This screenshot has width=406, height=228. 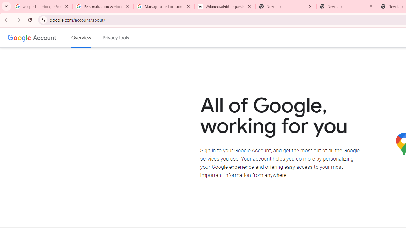 What do you see at coordinates (225, 6) in the screenshot?
I see `'Wikipedia:Edit requests - Wikipedia'` at bounding box center [225, 6].